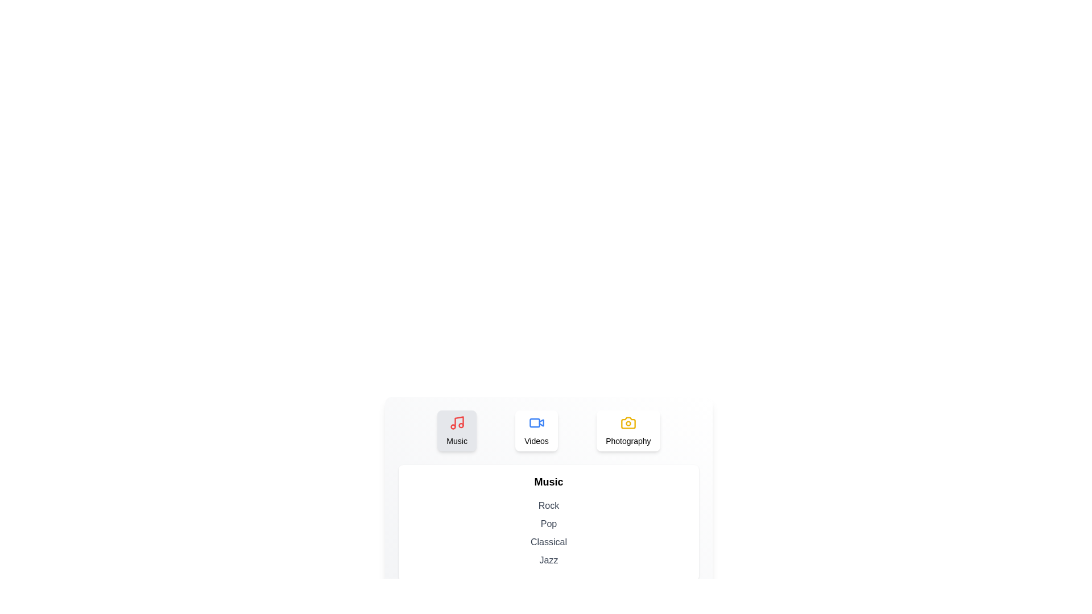 The height and width of the screenshot is (614, 1092). I want to click on the text Rock from the displayed list, so click(548, 505).